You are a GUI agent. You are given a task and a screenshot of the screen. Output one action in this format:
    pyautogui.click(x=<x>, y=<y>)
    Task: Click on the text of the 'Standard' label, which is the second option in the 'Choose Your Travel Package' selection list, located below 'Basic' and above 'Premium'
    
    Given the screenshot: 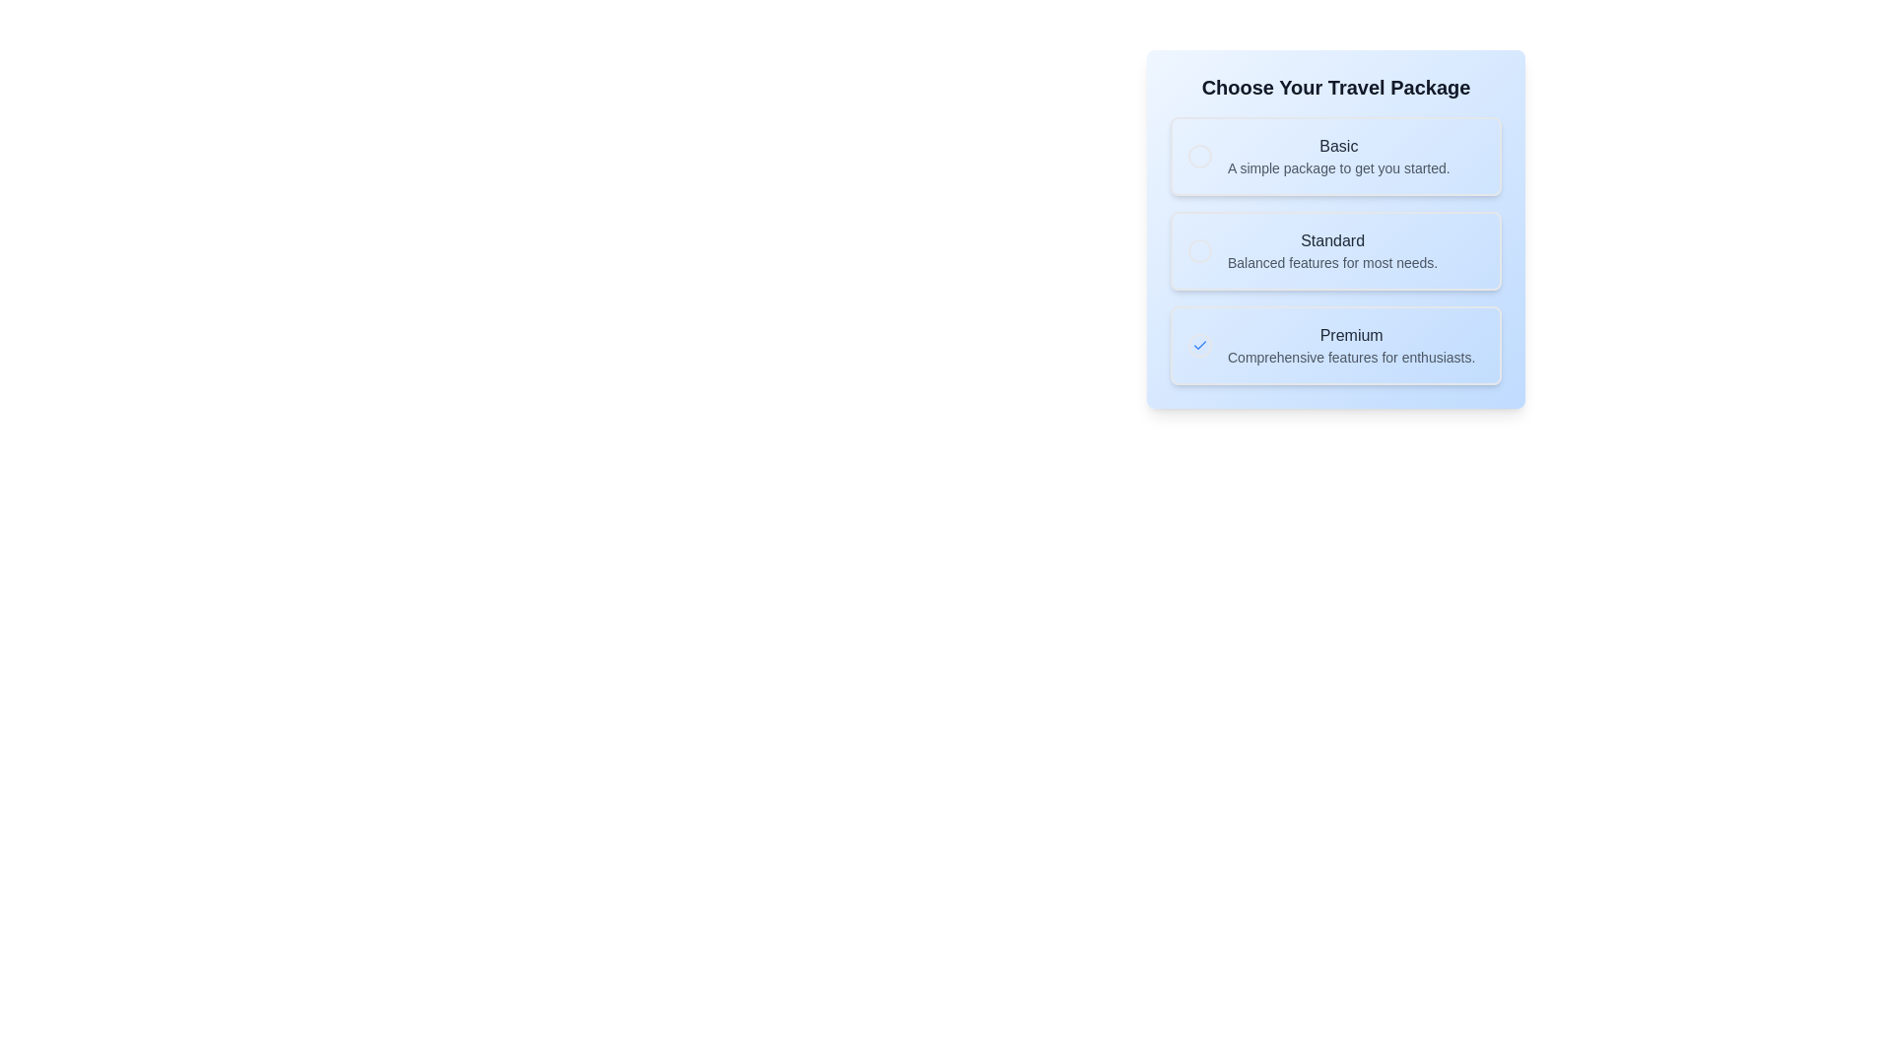 What is the action you would take?
    pyautogui.click(x=1332, y=249)
    